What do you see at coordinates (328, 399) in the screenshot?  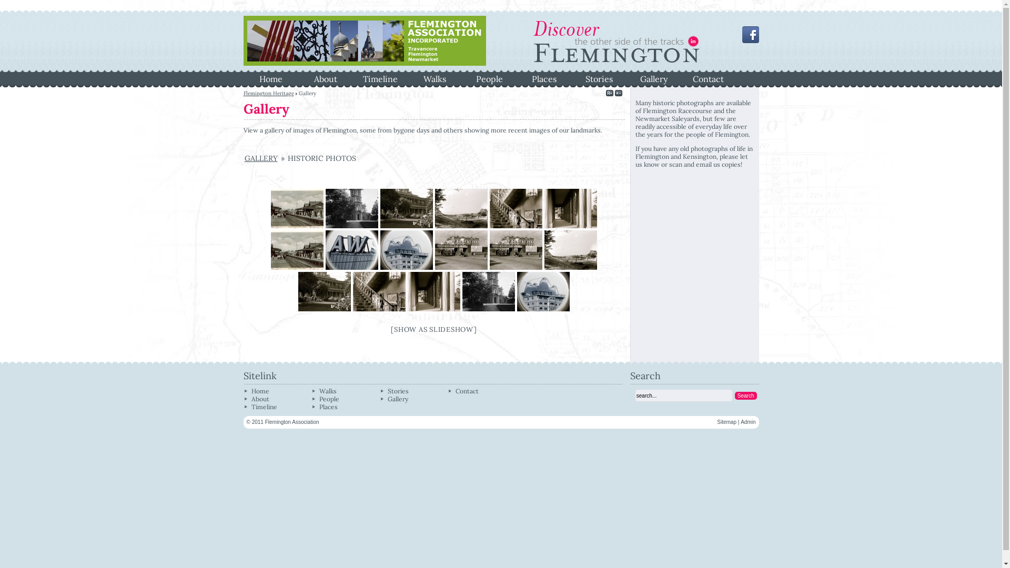 I see `'People'` at bounding box center [328, 399].